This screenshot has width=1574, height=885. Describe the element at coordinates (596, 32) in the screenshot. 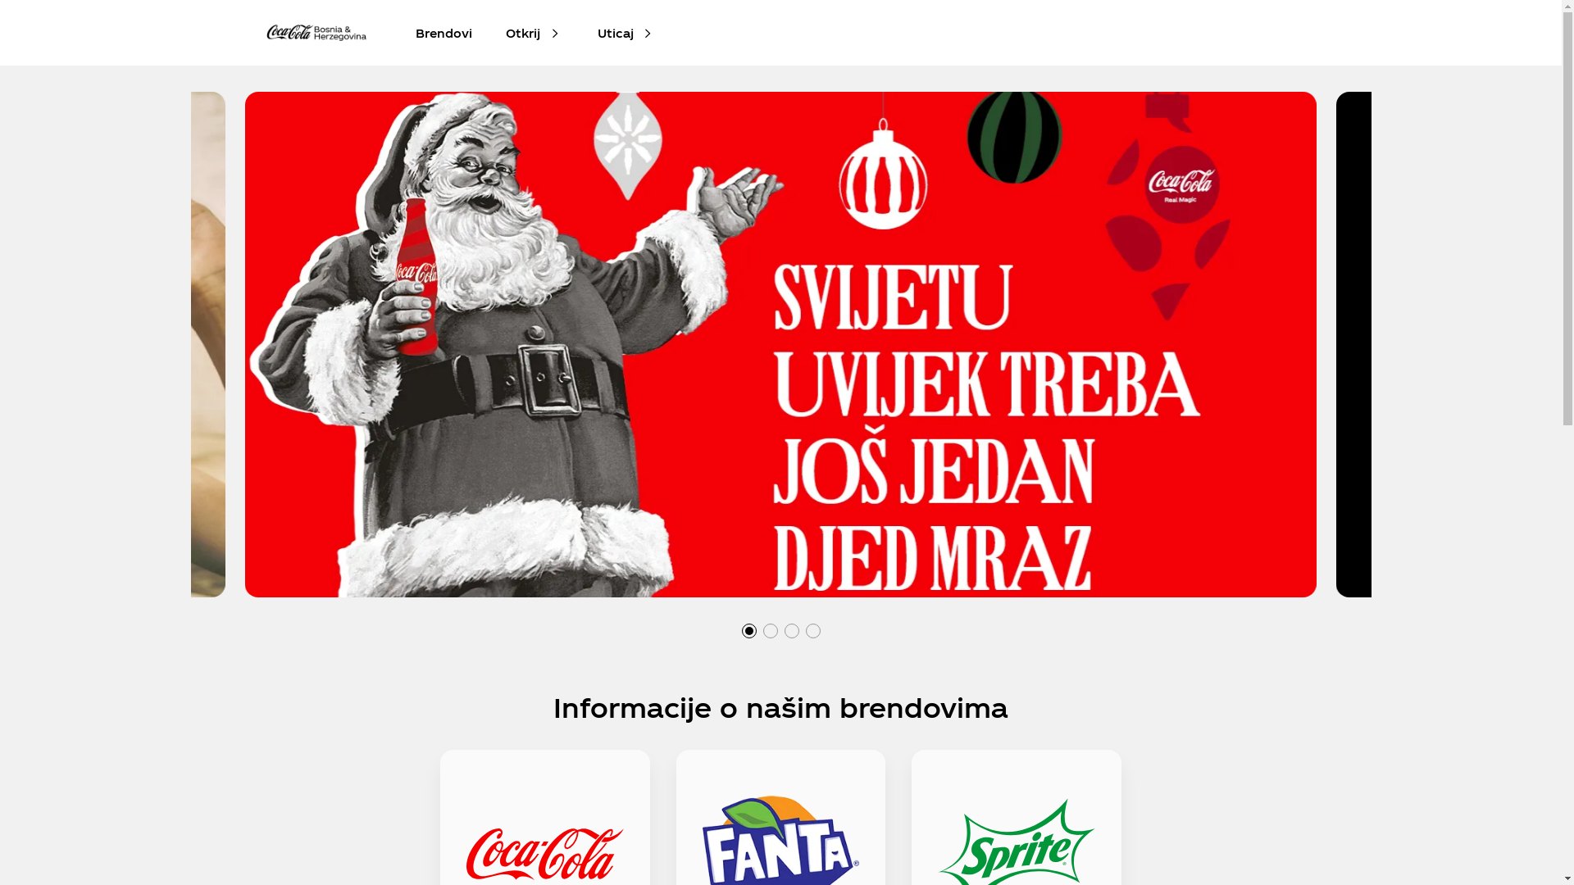

I see `'Uticaj'` at that location.